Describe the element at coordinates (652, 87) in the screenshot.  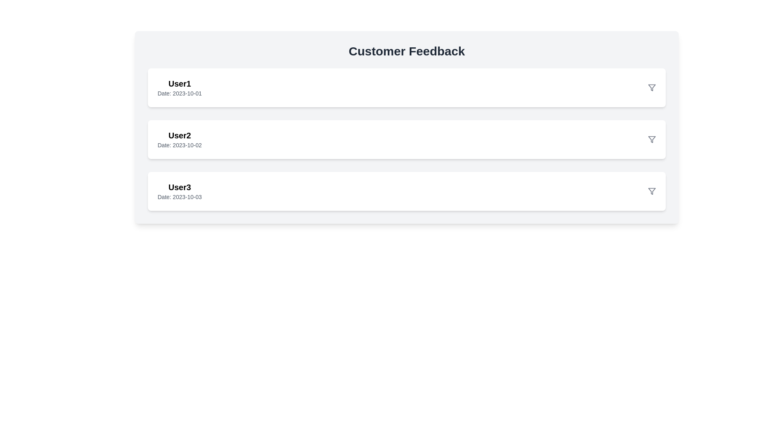
I see `the filter icon, which is a gray triangle with horizontal lines, located at the far right of the row associated with 'User1'` at that location.